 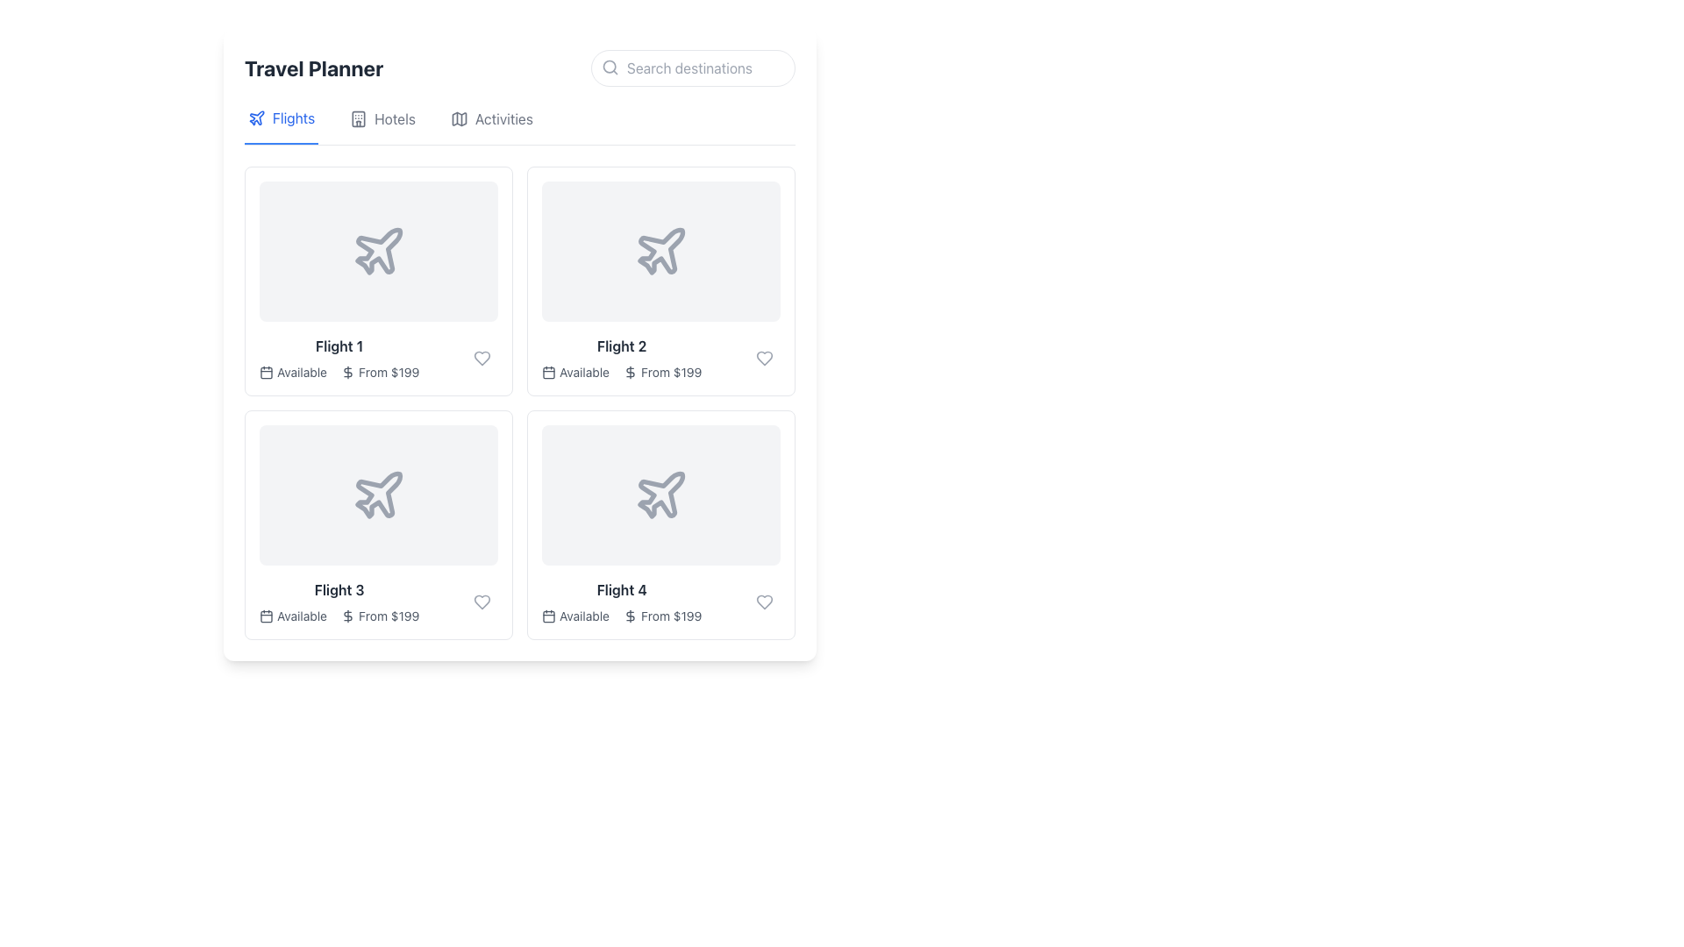 What do you see at coordinates (622, 371) in the screenshot?
I see `informational text with icons conveying the availability status and starting price of the respective flight offering, located in the top-right grid cell under 'Flights' within the 'Flight 2' card` at bounding box center [622, 371].